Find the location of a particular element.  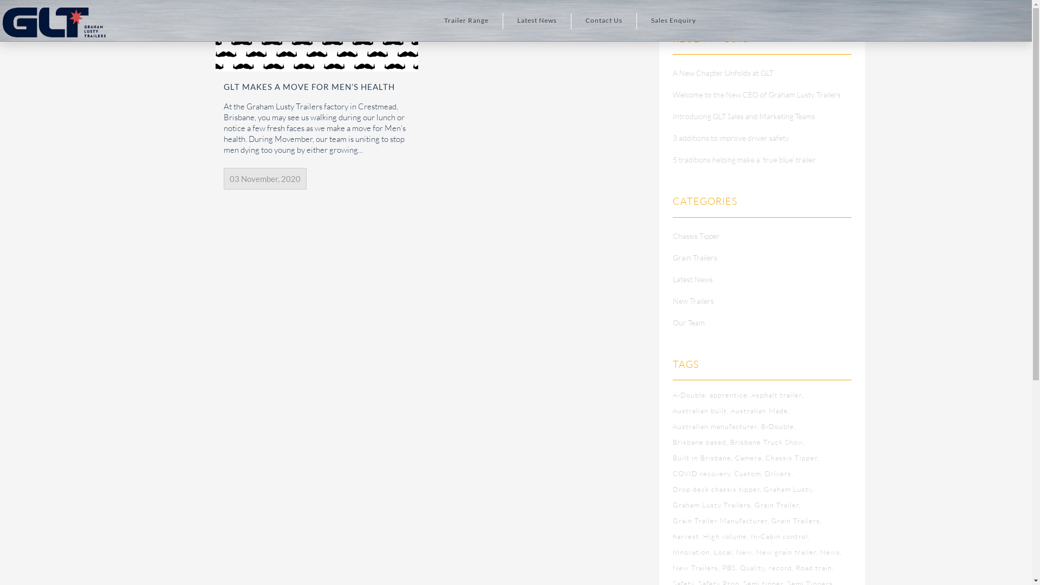

'In-Cabin control' is located at coordinates (780, 536).